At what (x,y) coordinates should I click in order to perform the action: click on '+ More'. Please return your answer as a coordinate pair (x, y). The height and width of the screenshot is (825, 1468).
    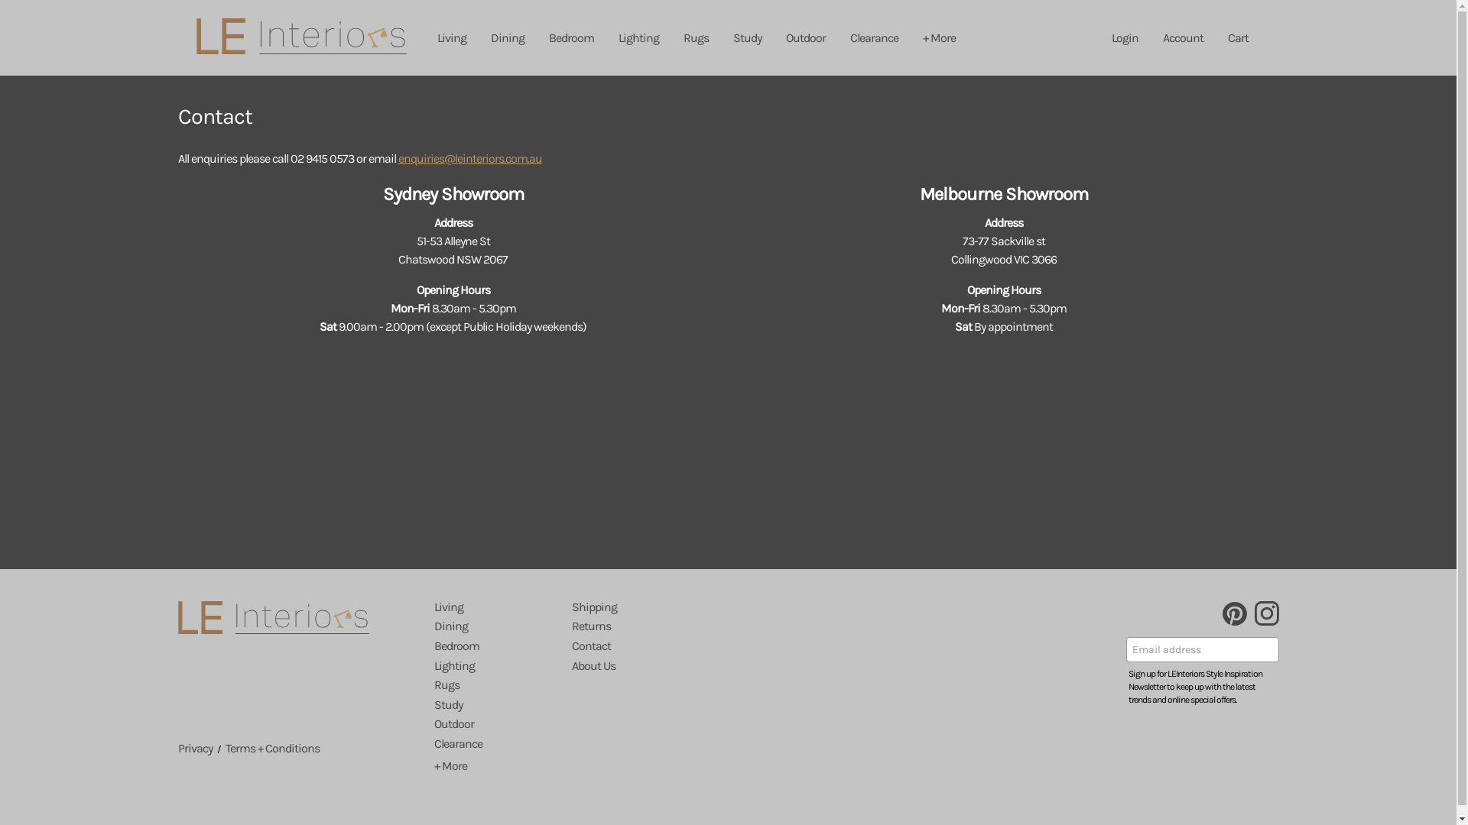
    Looking at the image, I should click on (450, 765).